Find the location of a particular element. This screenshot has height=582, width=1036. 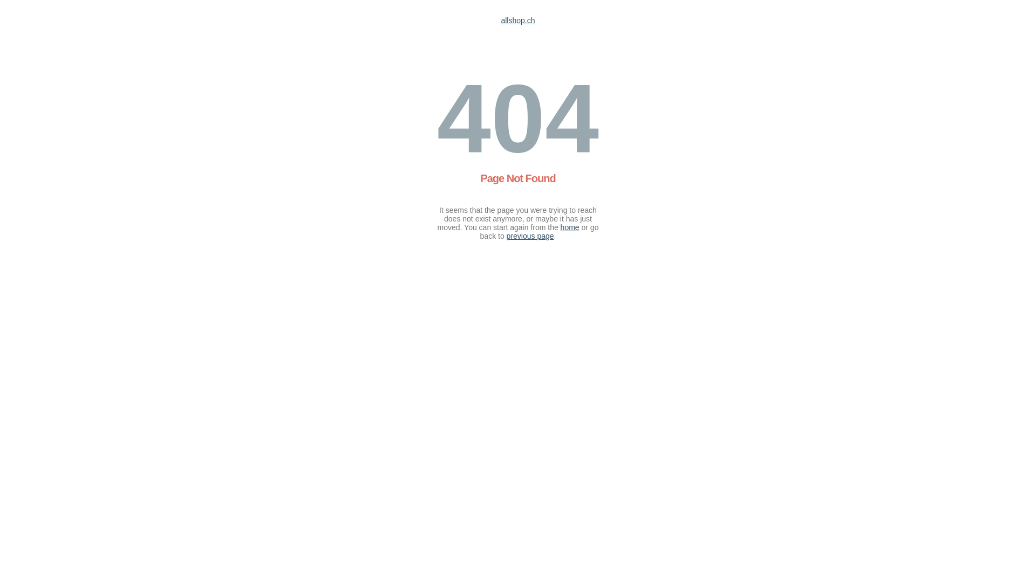

'home' is located at coordinates (569, 226).